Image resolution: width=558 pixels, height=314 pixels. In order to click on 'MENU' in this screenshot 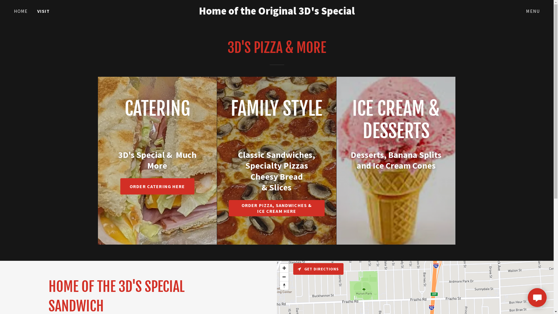, I will do `click(533, 11)`.